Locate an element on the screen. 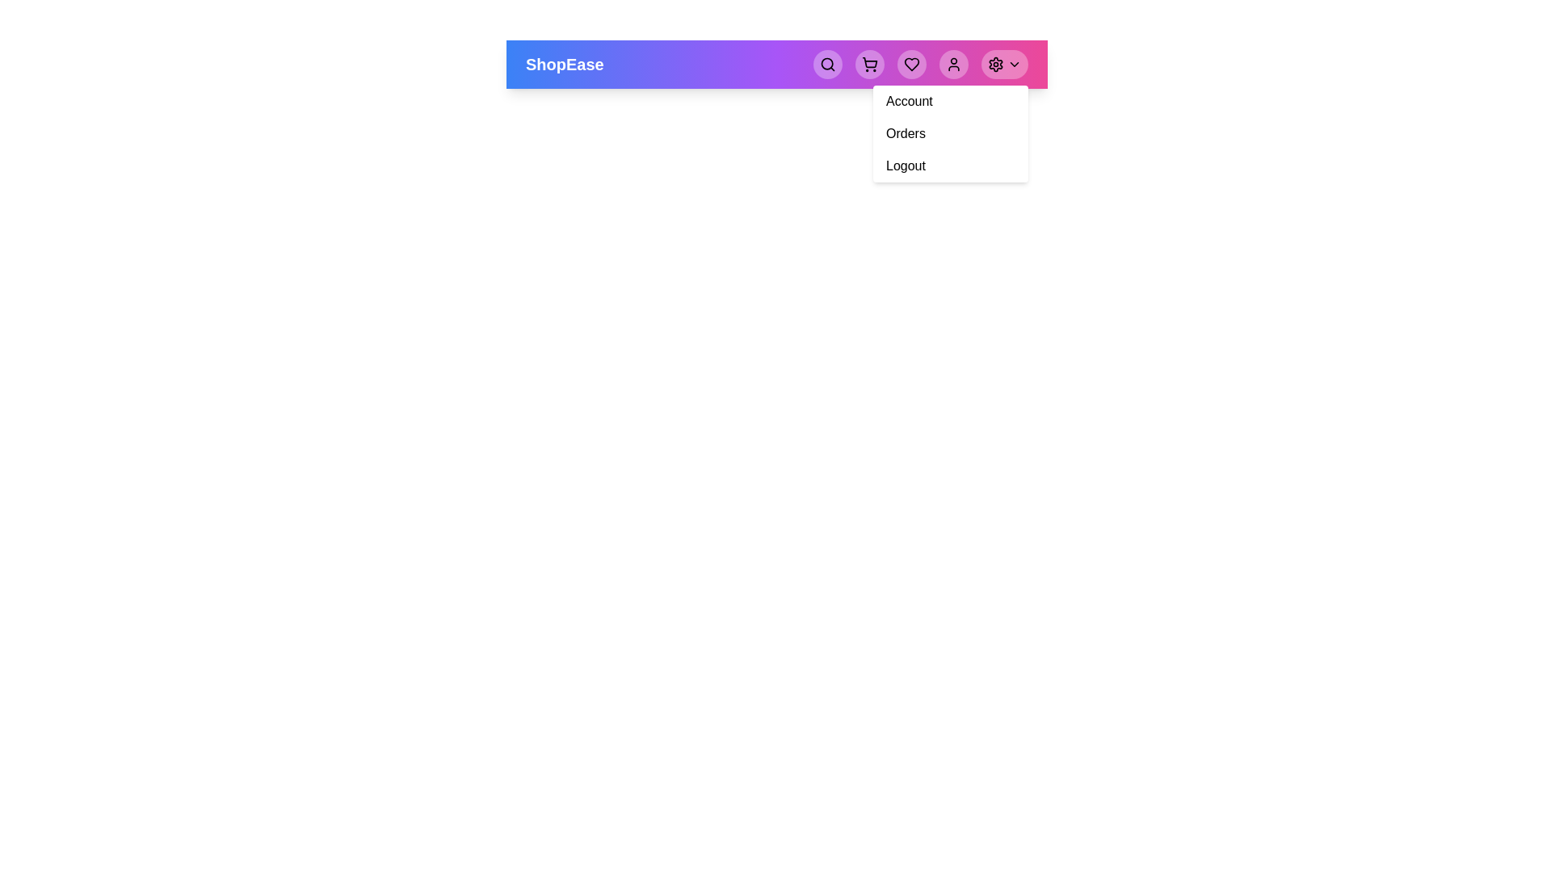 The height and width of the screenshot is (872, 1551). the shopping cart button is located at coordinates (868, 64).